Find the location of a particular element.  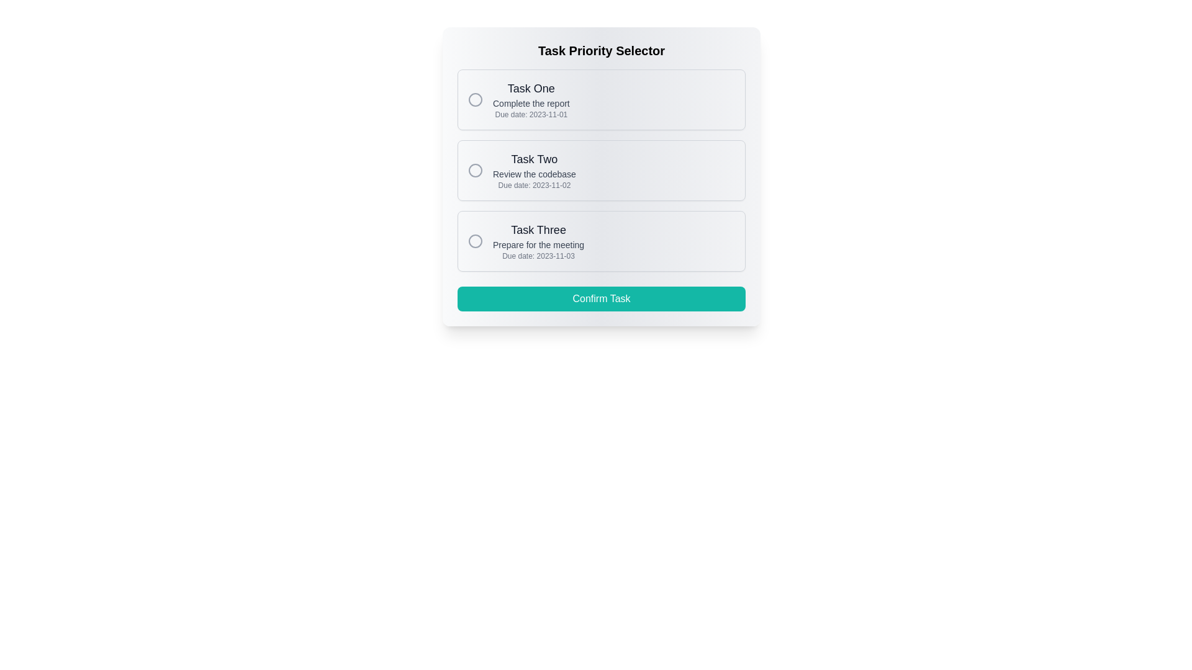

the text label containing the phrase 'Prepare for the meeting.' which is styled with a small gray font and positioned near the center-right of the interface, directly beneath 'Task Three.' is located at coordinates (538, 244).